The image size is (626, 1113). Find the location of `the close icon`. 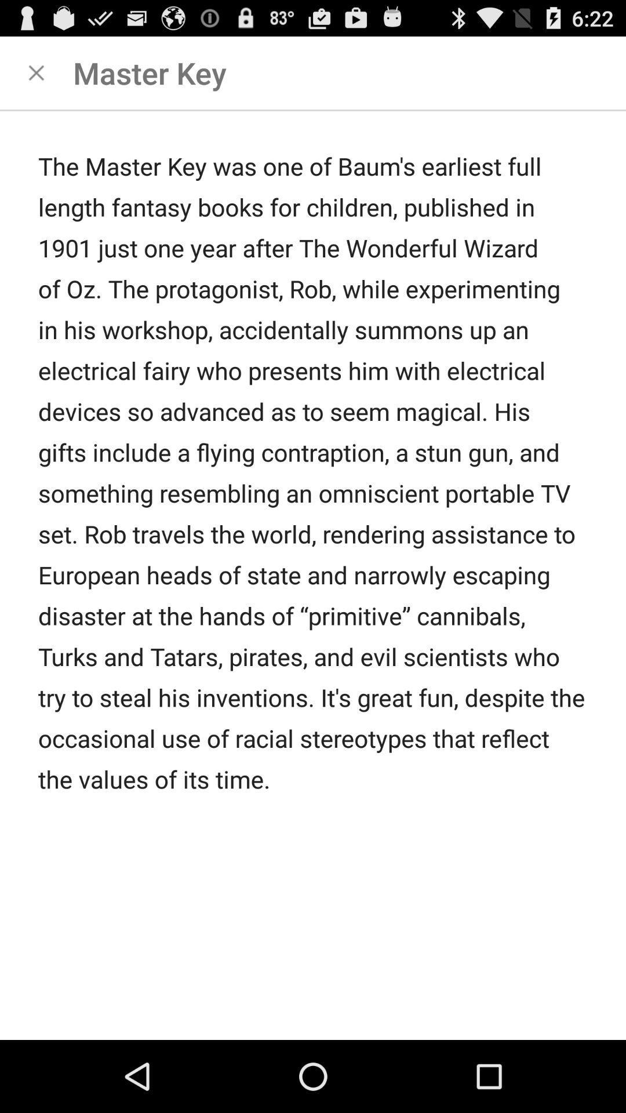

the close icon is located at coordinates (35, 77).